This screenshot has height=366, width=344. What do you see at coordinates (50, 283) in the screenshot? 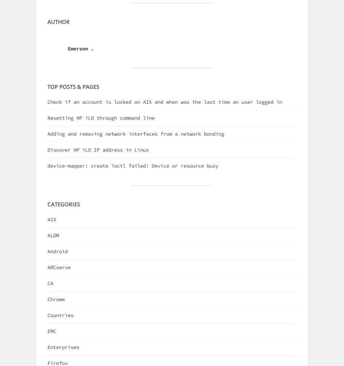
I see `'CA'` at bounding box center [50, 283].